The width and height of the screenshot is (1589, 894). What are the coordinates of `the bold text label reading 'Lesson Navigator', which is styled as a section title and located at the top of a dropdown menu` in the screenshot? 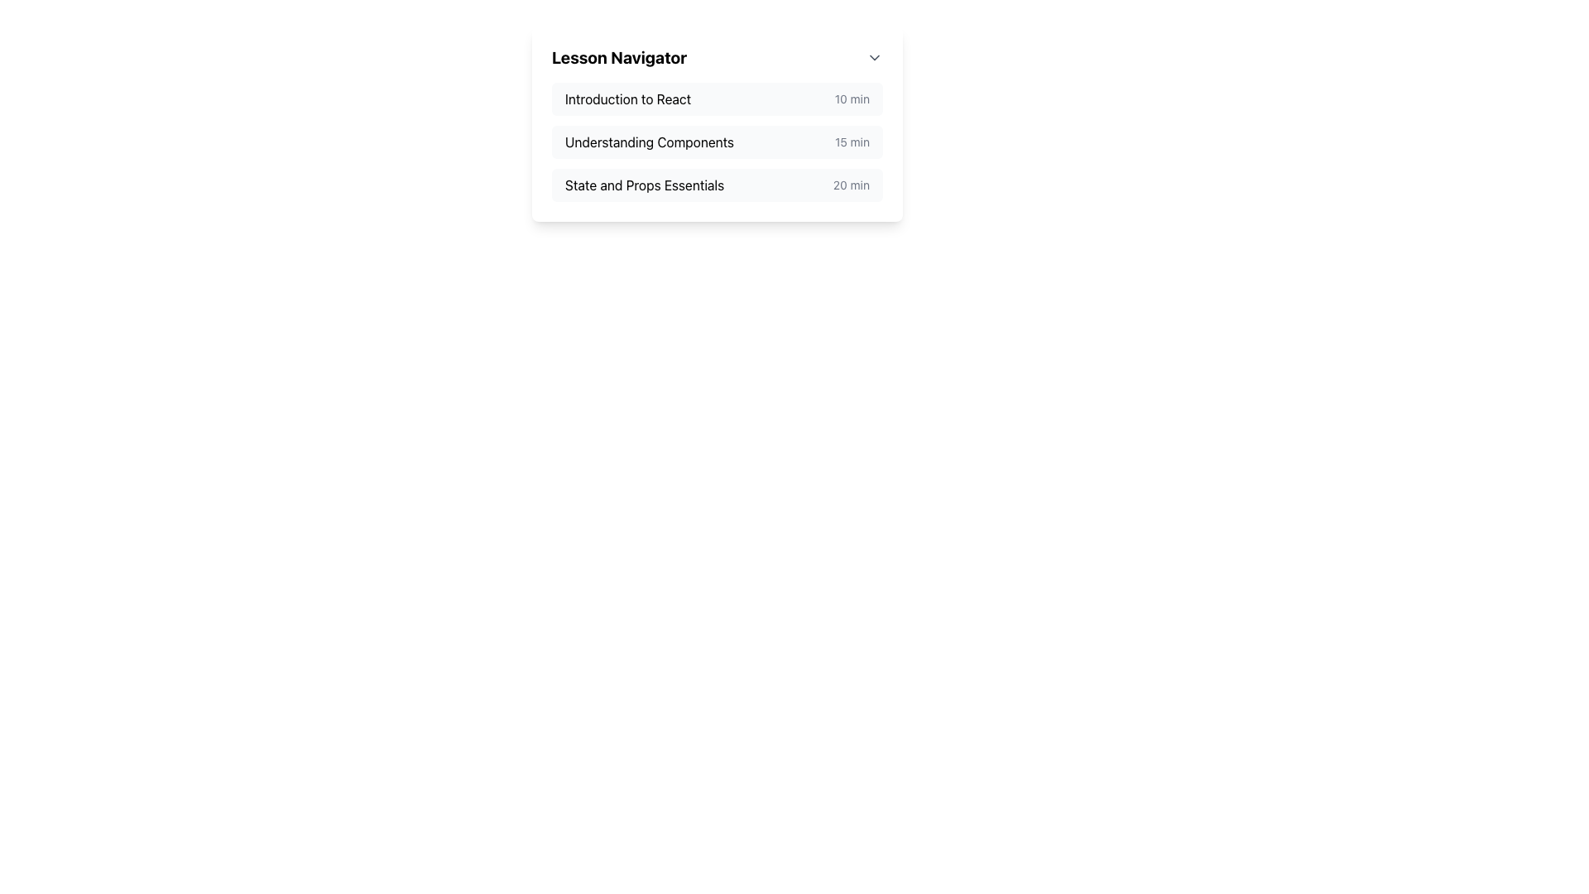 It's located at (618, 56).